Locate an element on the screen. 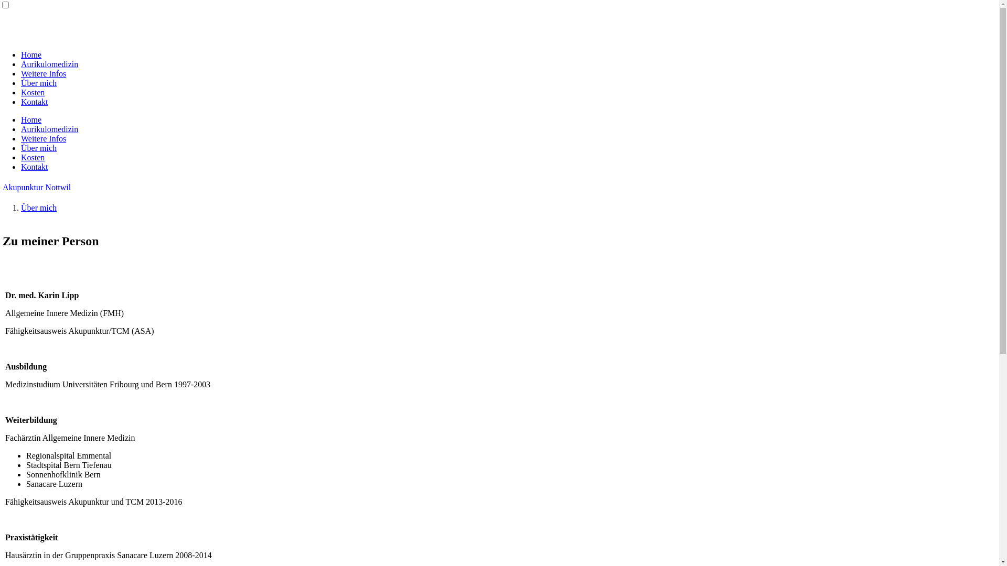  'Home' is located at coordinates (31, 55).